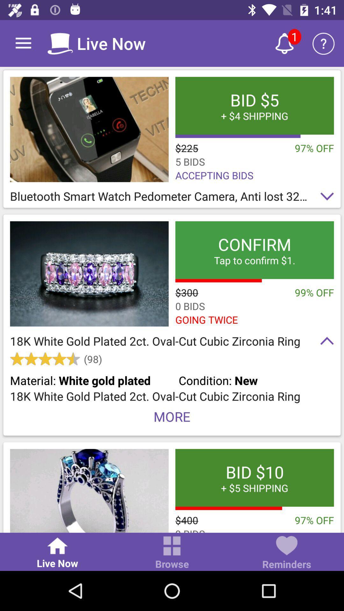 This screenshot has width=344, height=611. What do you see at coordinates (89, 274) in the screenshot?
I see `18k white gold ring` at bounding box center [89, 274].